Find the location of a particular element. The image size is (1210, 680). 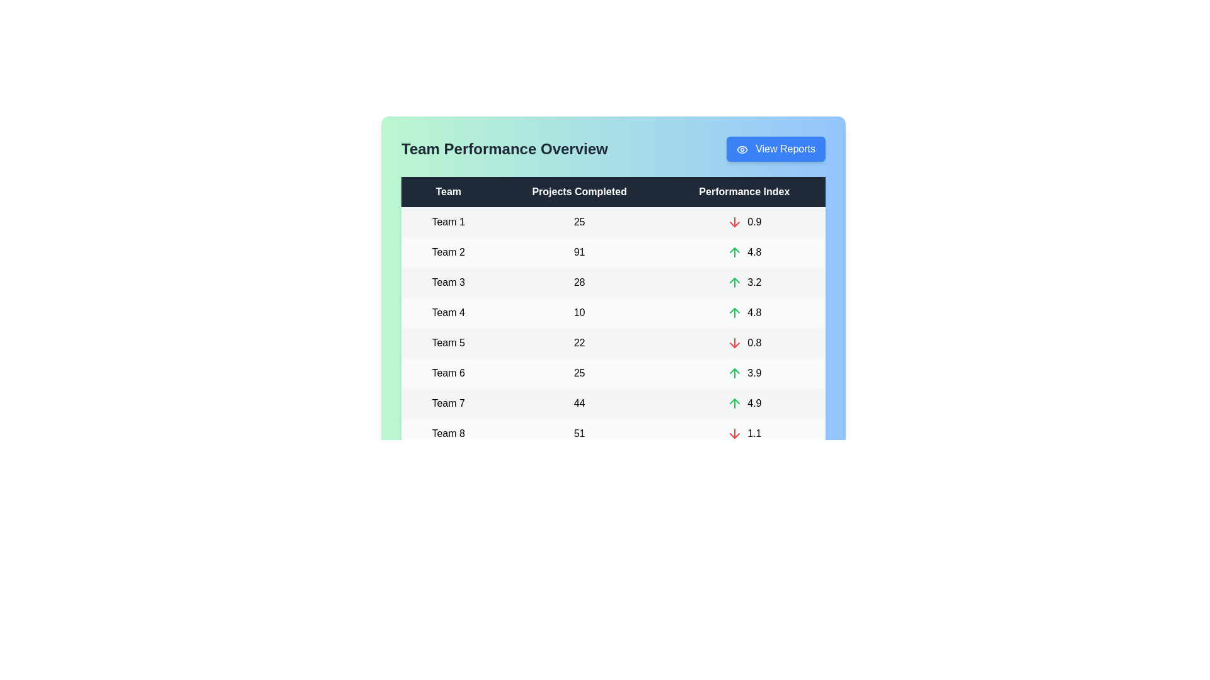

the 'View Reports' button is located at coordinates (775, 148).